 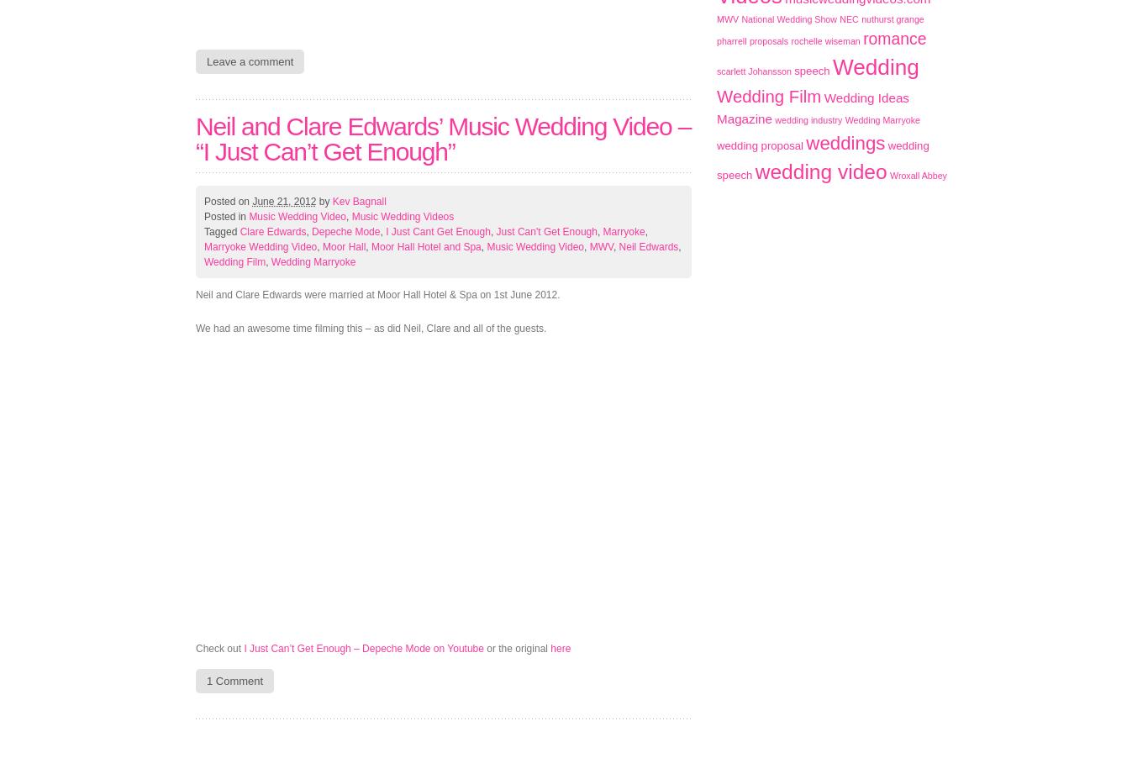 What do you see at coordinates (812, 108) in the screenshot?
I see `'Wedding Ideas Magazine'` at bounding box center [812, 108].